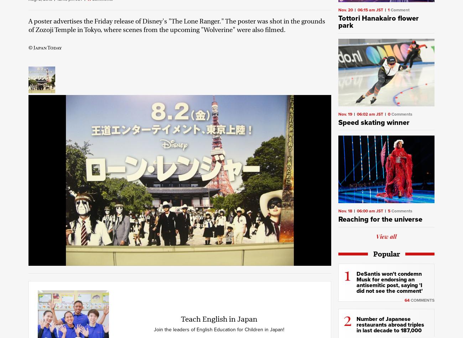  Describe the element at coordinates (407, 300) in the screenshot. I see `'64'` at that location.